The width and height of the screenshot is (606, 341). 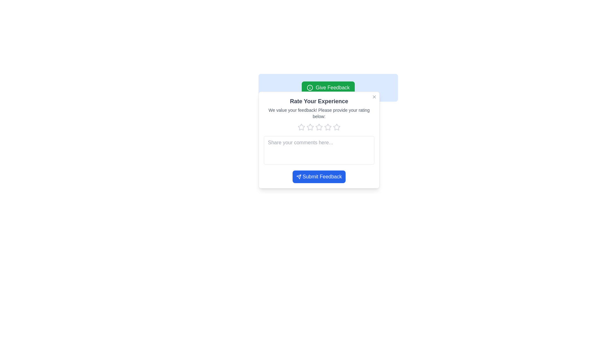 What do you see at coordinates (328, 127) in the screenshot?
I see `the third star icon in the 'Rate Your Experience' popup to visualize a potential selection` at bounding box center [328, 127].